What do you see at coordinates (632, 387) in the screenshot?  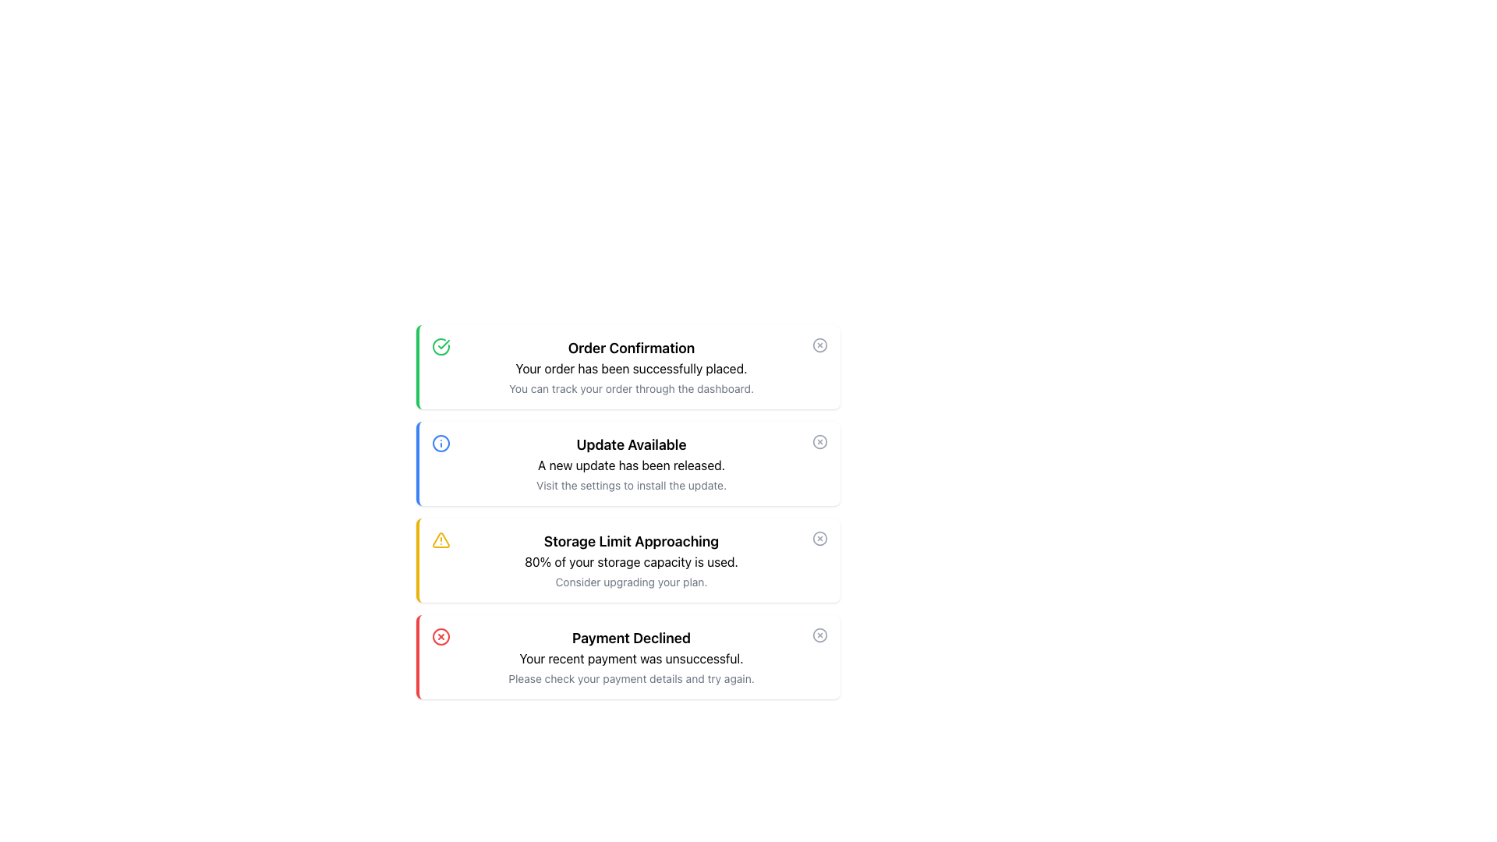 I see `the static text reading 'You can track your order through the dashboard.' which is styled in gray and positioned below the 'Your order has been successfully placed.' text` at bounding box center [632, 387].